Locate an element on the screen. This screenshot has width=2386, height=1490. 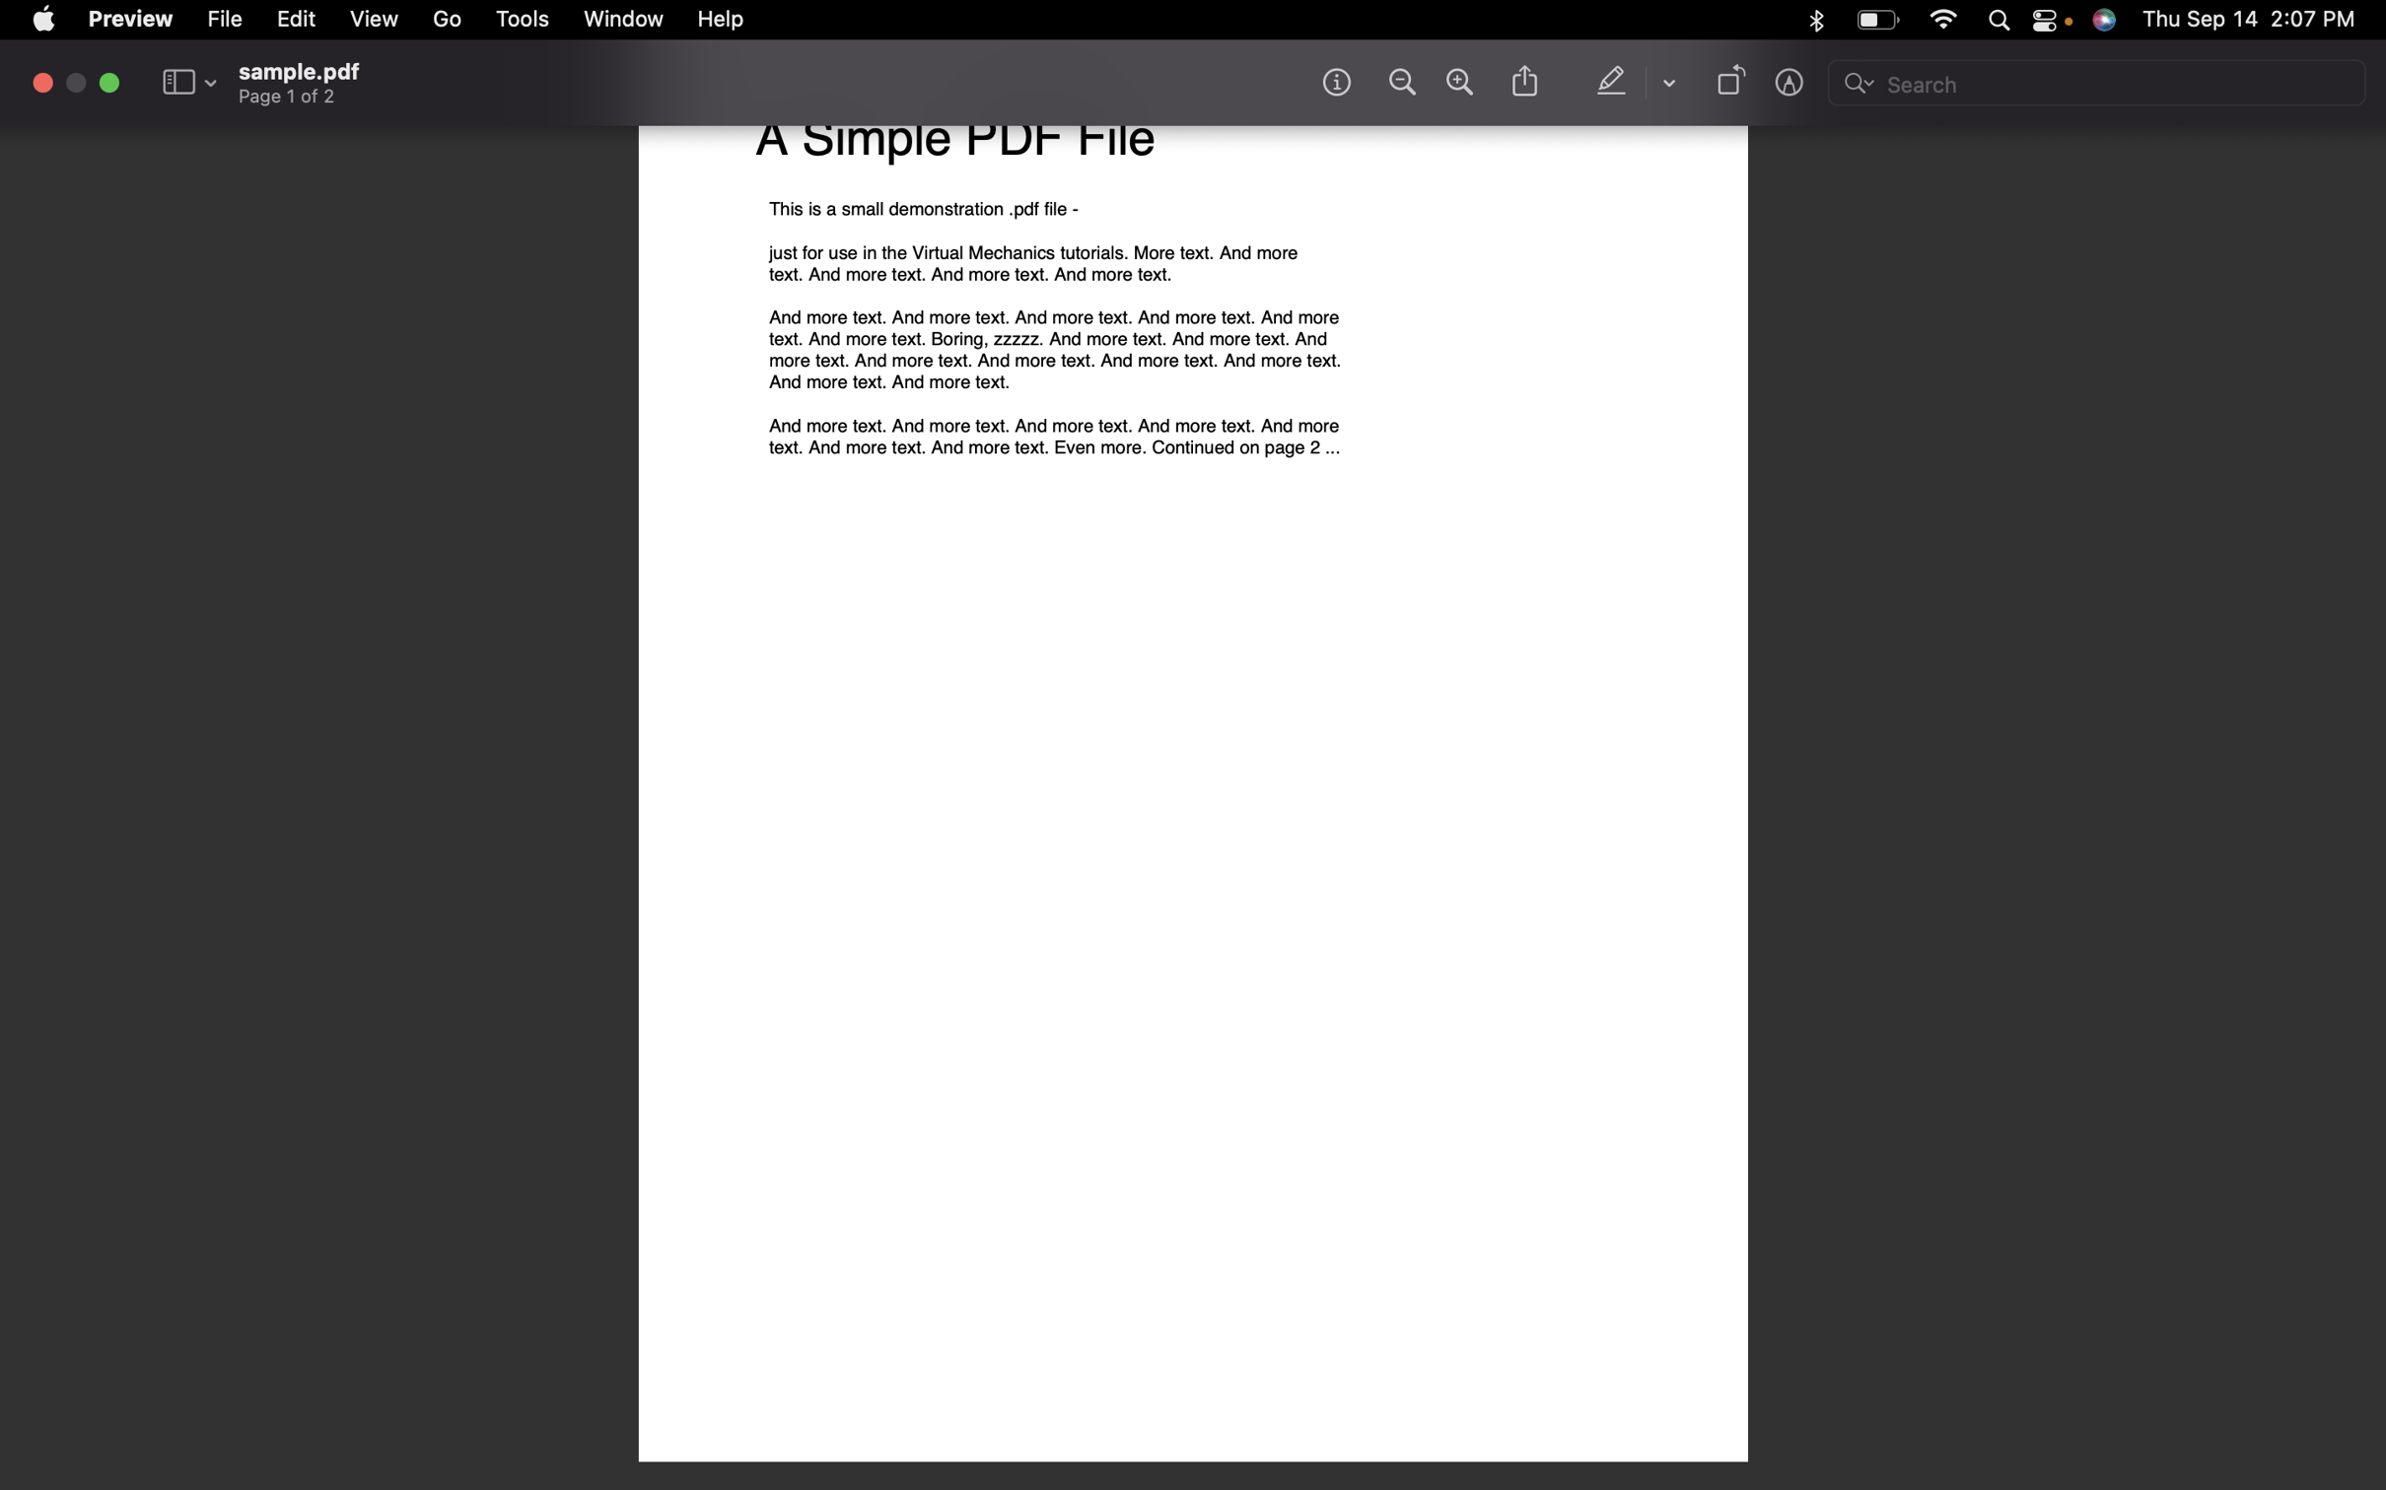
Magnify the document to a smaller size is located at coordinates (1398, 82).